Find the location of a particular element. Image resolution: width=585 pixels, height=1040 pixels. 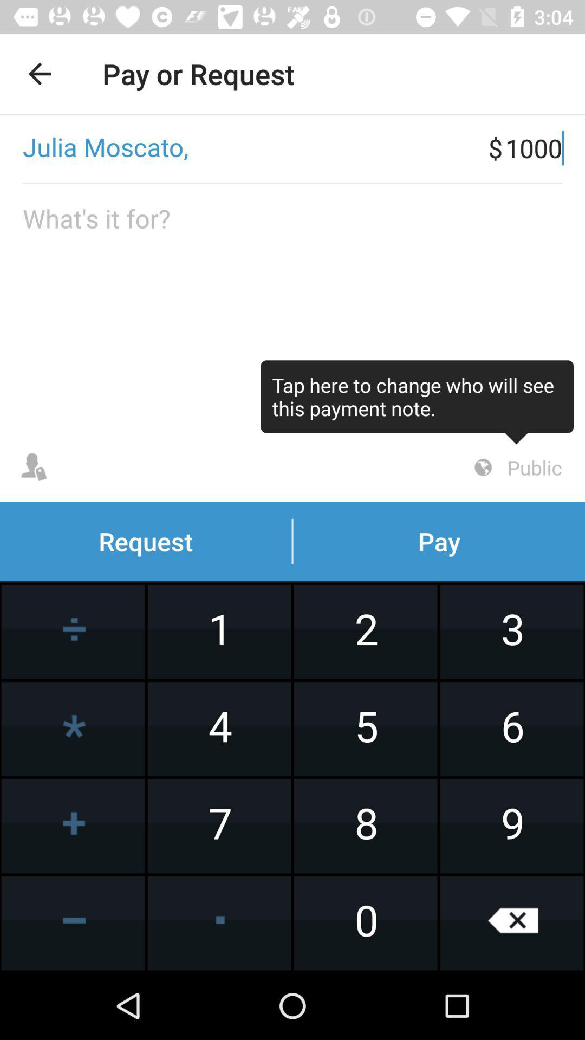

contacts to list is located at coordinates (33, 467).